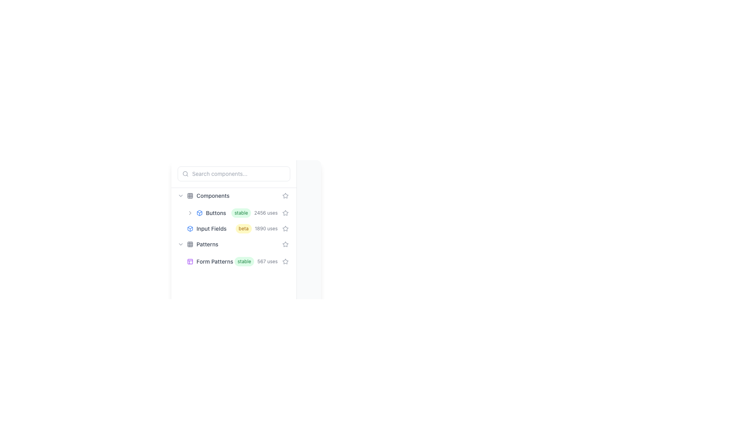 The width and height of the screenshot is (753, 423). What do you see at coordinates (285, 244) in the screenshot?
I see `the star icon button on the far right side of the 'Patterns' list item` at bounding box center [285, 244].